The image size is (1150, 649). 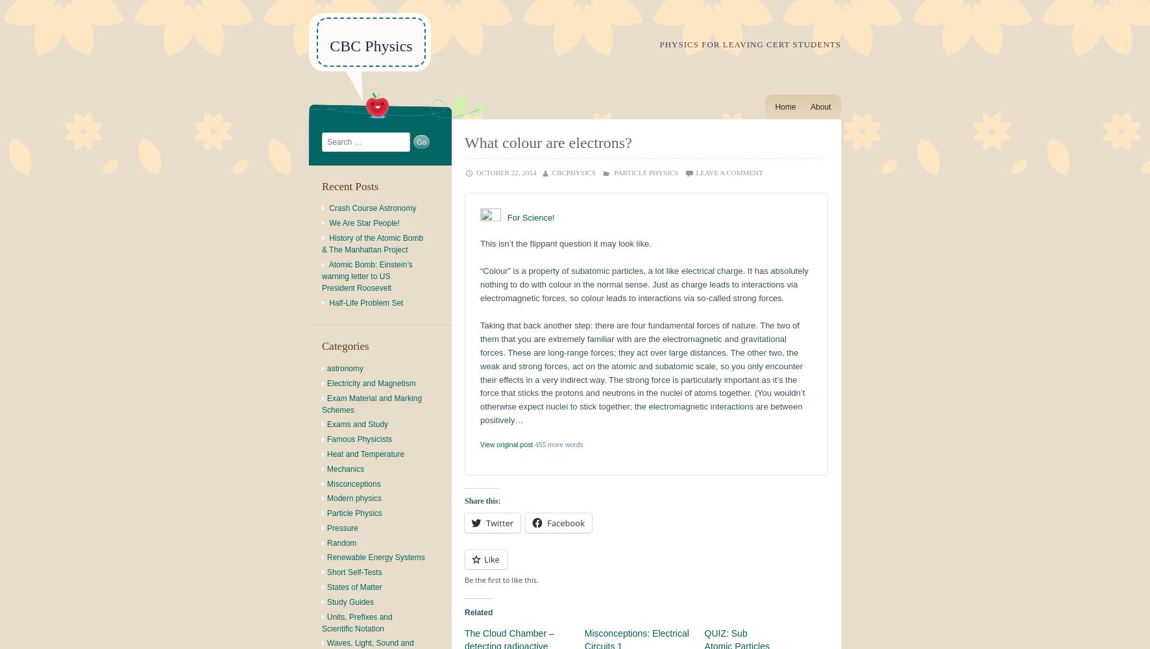 What do you see at coordinates (506, 444) in the screenshot?
I see `'View original post'` at bounding box center [506, 444].